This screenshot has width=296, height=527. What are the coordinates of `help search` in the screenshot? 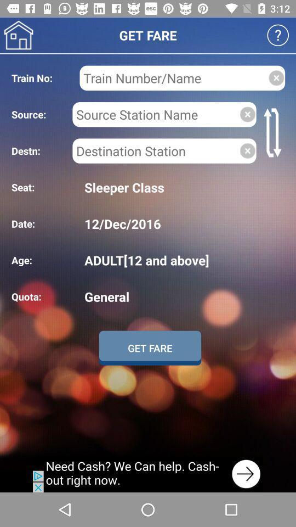 It's located at (278, 35).